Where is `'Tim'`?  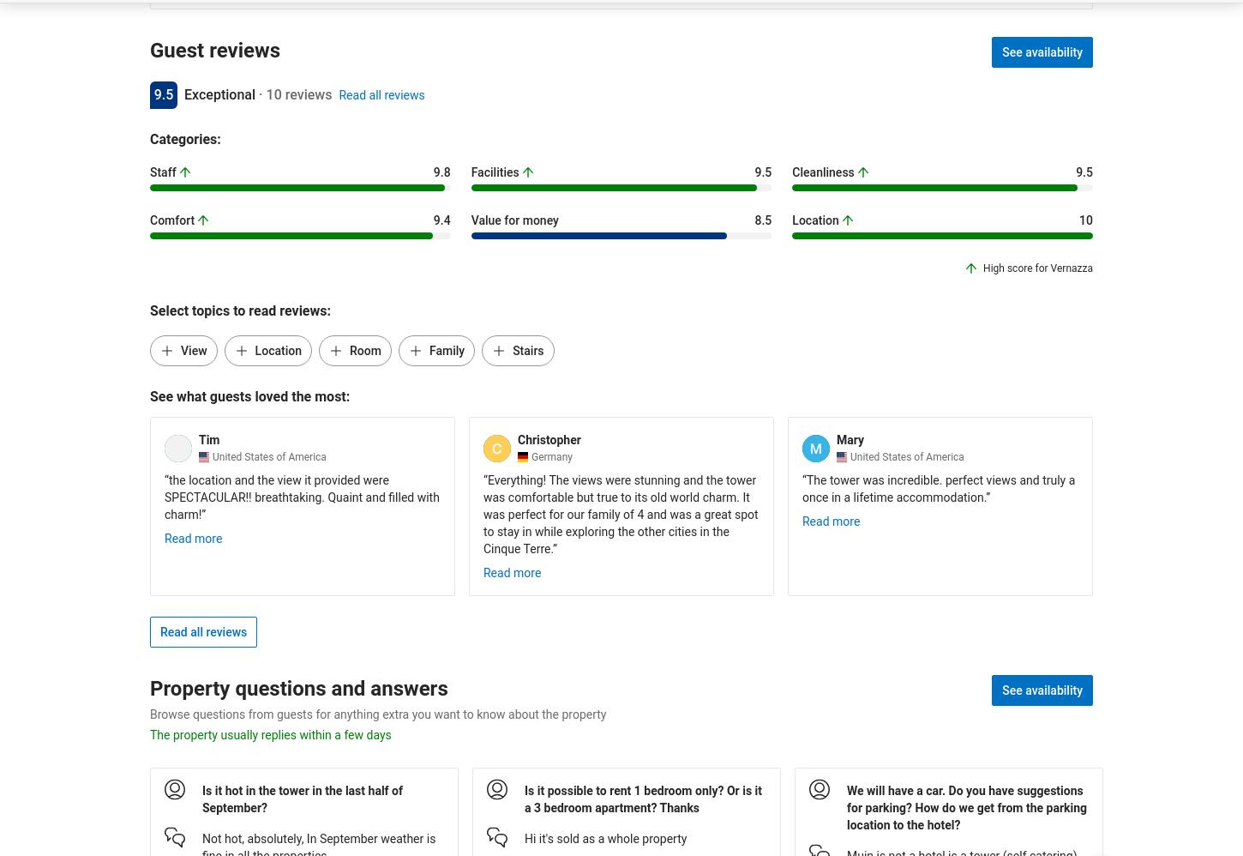 'Tim' is located at coordinates (209, 439).